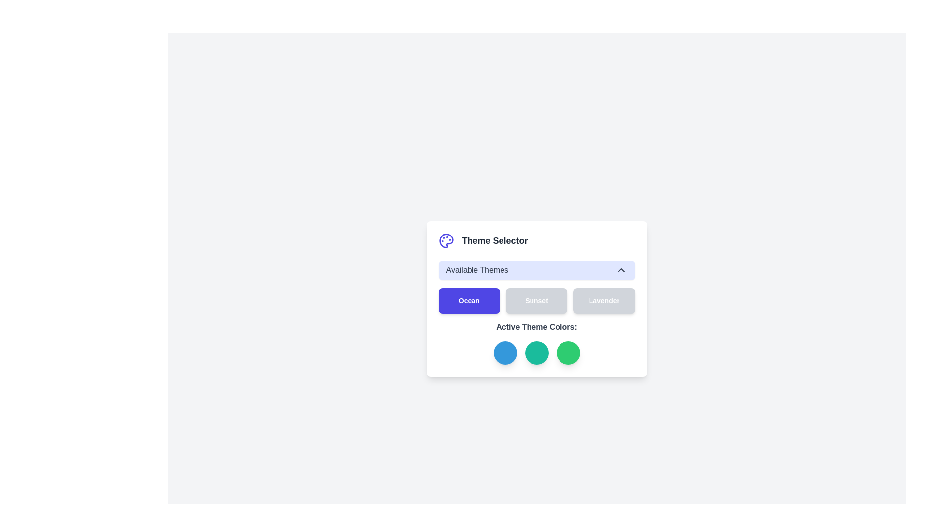 This screenshot has height=531, width=944. What do you see at coordinates (445, 240) in the screenshot?
I see `the blue or indigo palette icon located to the left of the 'Theme Selector' text` at bounding box center [445, 240].